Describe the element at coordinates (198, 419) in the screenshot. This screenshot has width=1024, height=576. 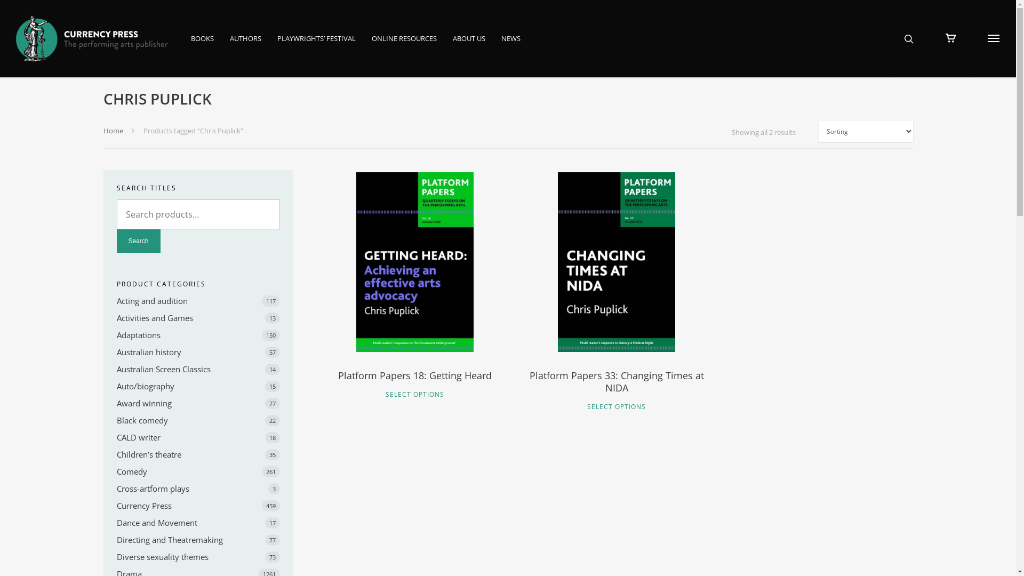
I see `'Black comedy'` at that location.